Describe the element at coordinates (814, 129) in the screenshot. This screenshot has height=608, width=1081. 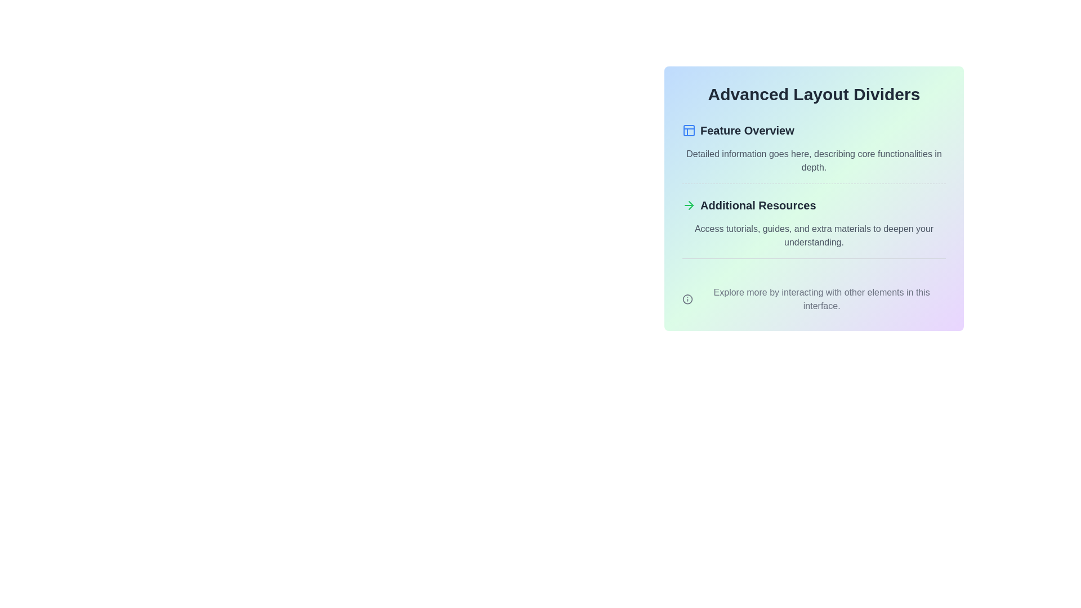
I see `the Heading with icon that summarizes the 'Feature Overview' section` at that location.